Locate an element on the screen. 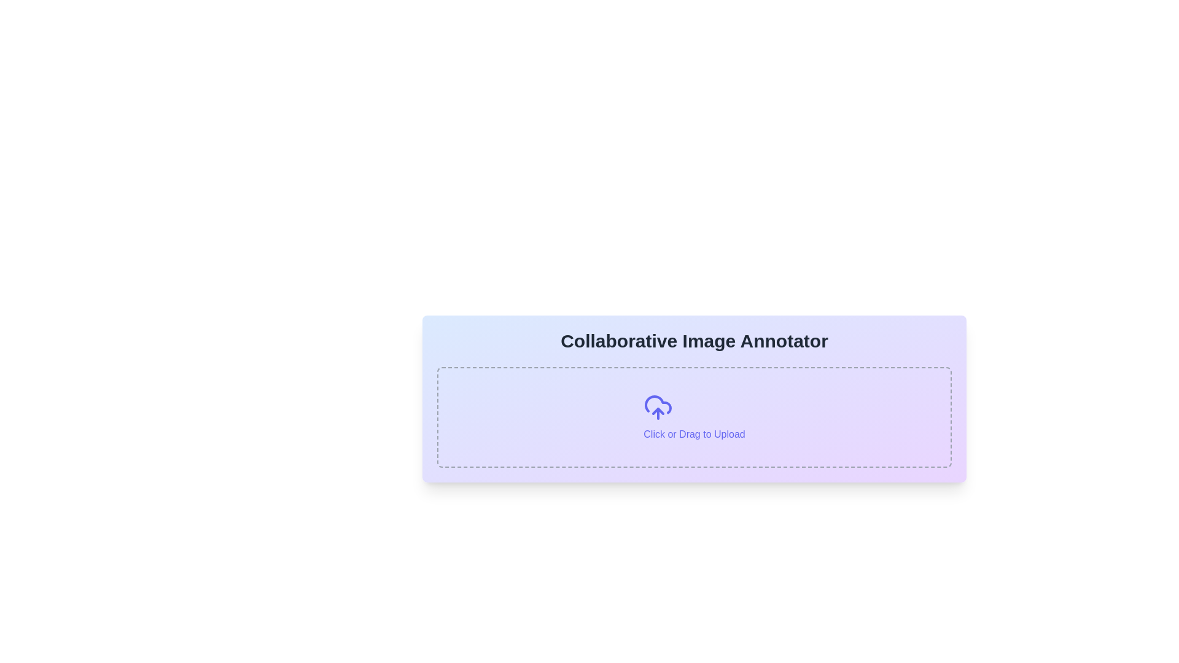 The width and height of the screenshot is (1179, 663). and drop files onto the interactive file upload area, which is a rectangular area with a dashed border, centered below the title 'Collaborative Image Annotator' is located at coordinates (695, 416).